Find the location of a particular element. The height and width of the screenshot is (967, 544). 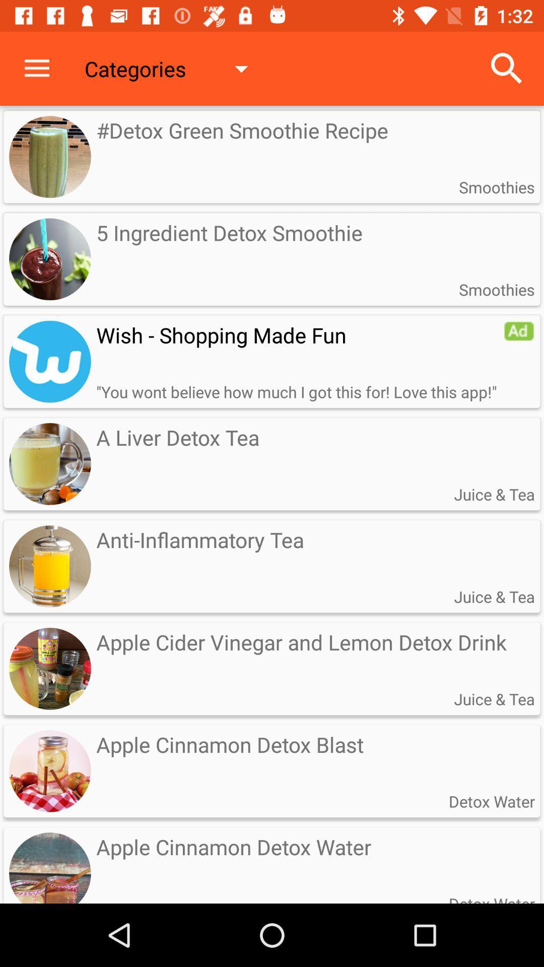

this is an advertisement is located at coordinates (519, 331).